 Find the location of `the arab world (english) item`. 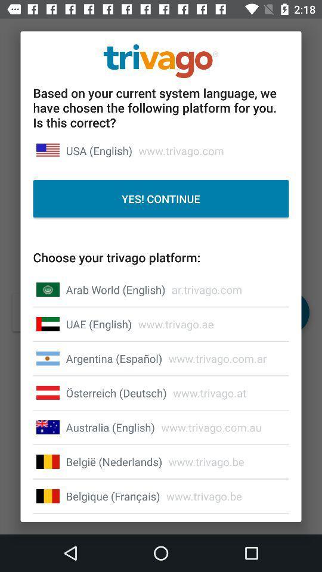

the arab world (english) item is located at coordinates (116, 289).